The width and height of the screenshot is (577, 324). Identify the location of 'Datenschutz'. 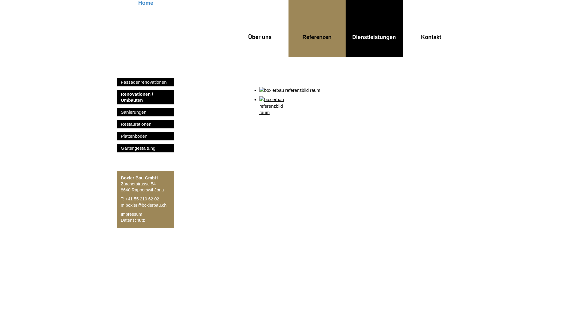
(132, 220).